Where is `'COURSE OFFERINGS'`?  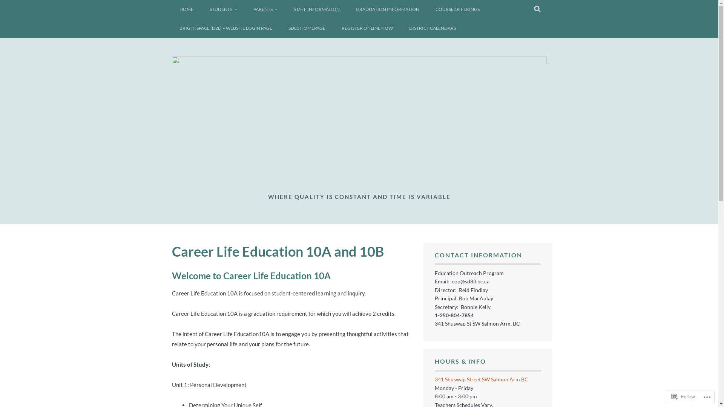
'COURSE OFFERINGS' is located at coordinates (457, 9).